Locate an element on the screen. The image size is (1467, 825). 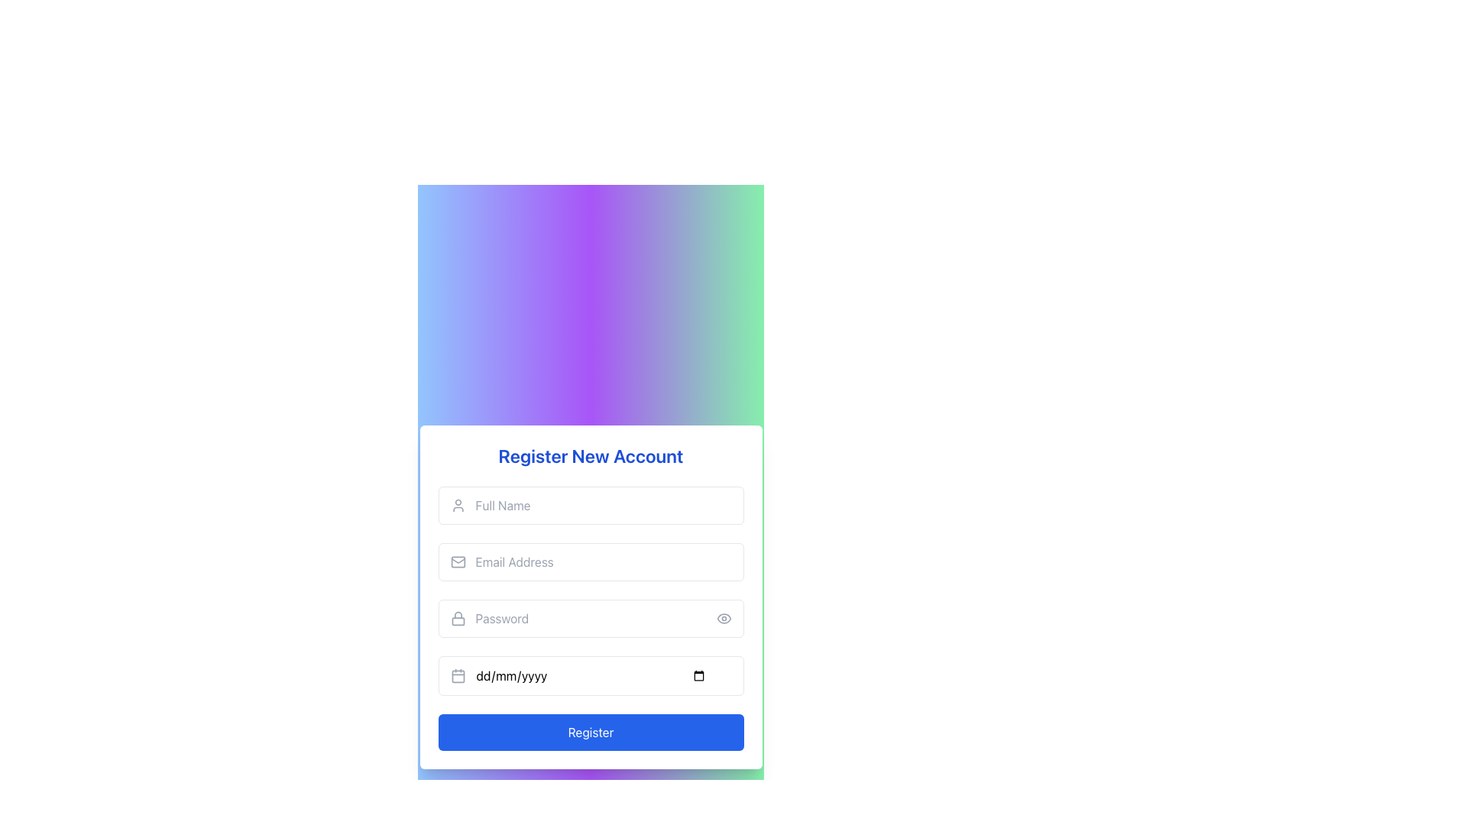
the first input field in the 'Register New Account' form to focus on it for entering the user's full name is located at coordinates (590, 506).